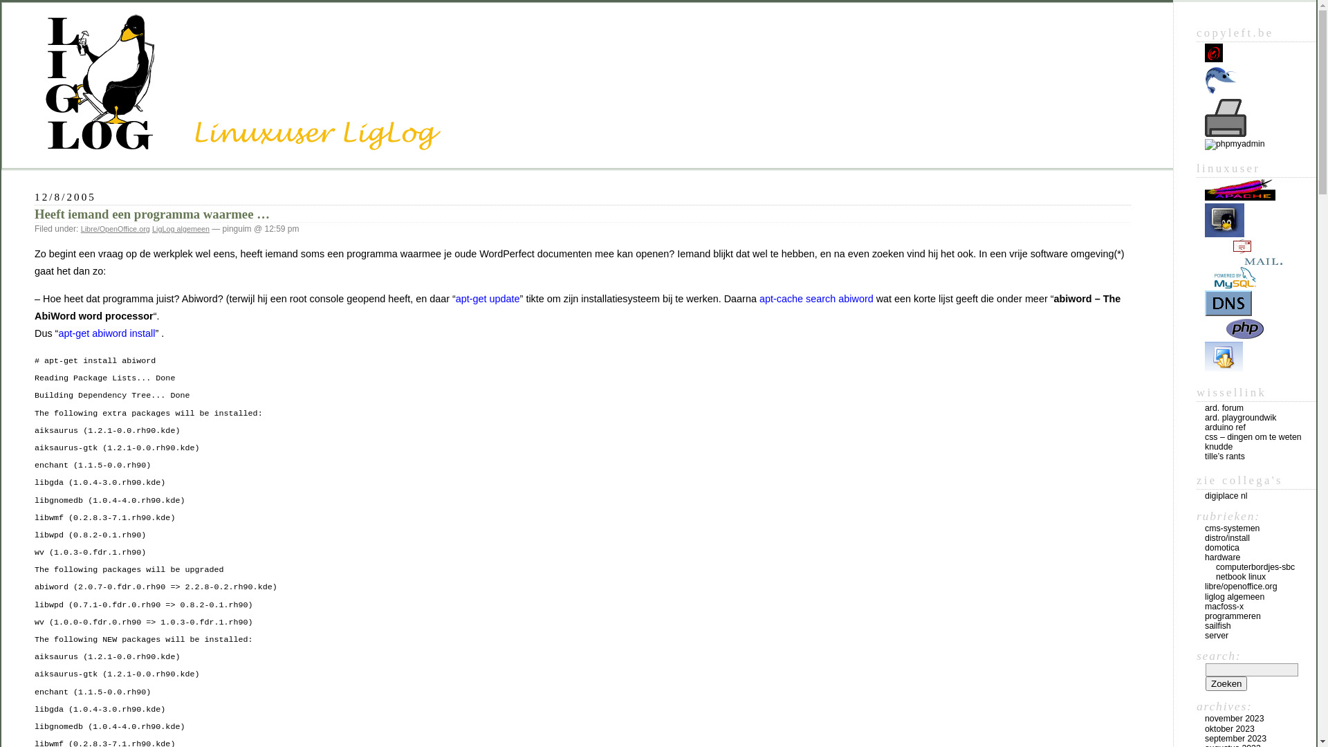  I want to click on 'distro/install', so click(1227, 537).